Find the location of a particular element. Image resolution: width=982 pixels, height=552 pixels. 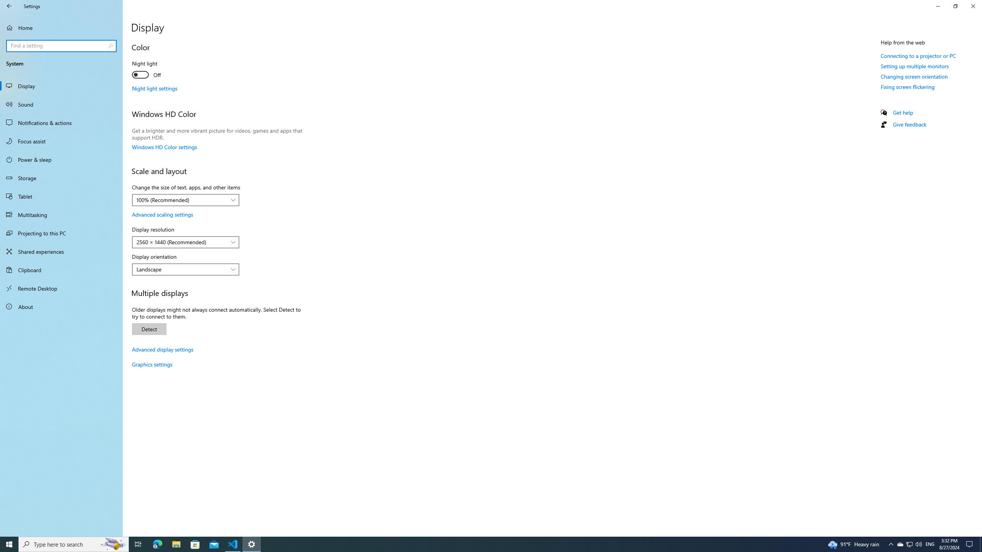

'Minimize Settings' is located at coordinates (937, 6).